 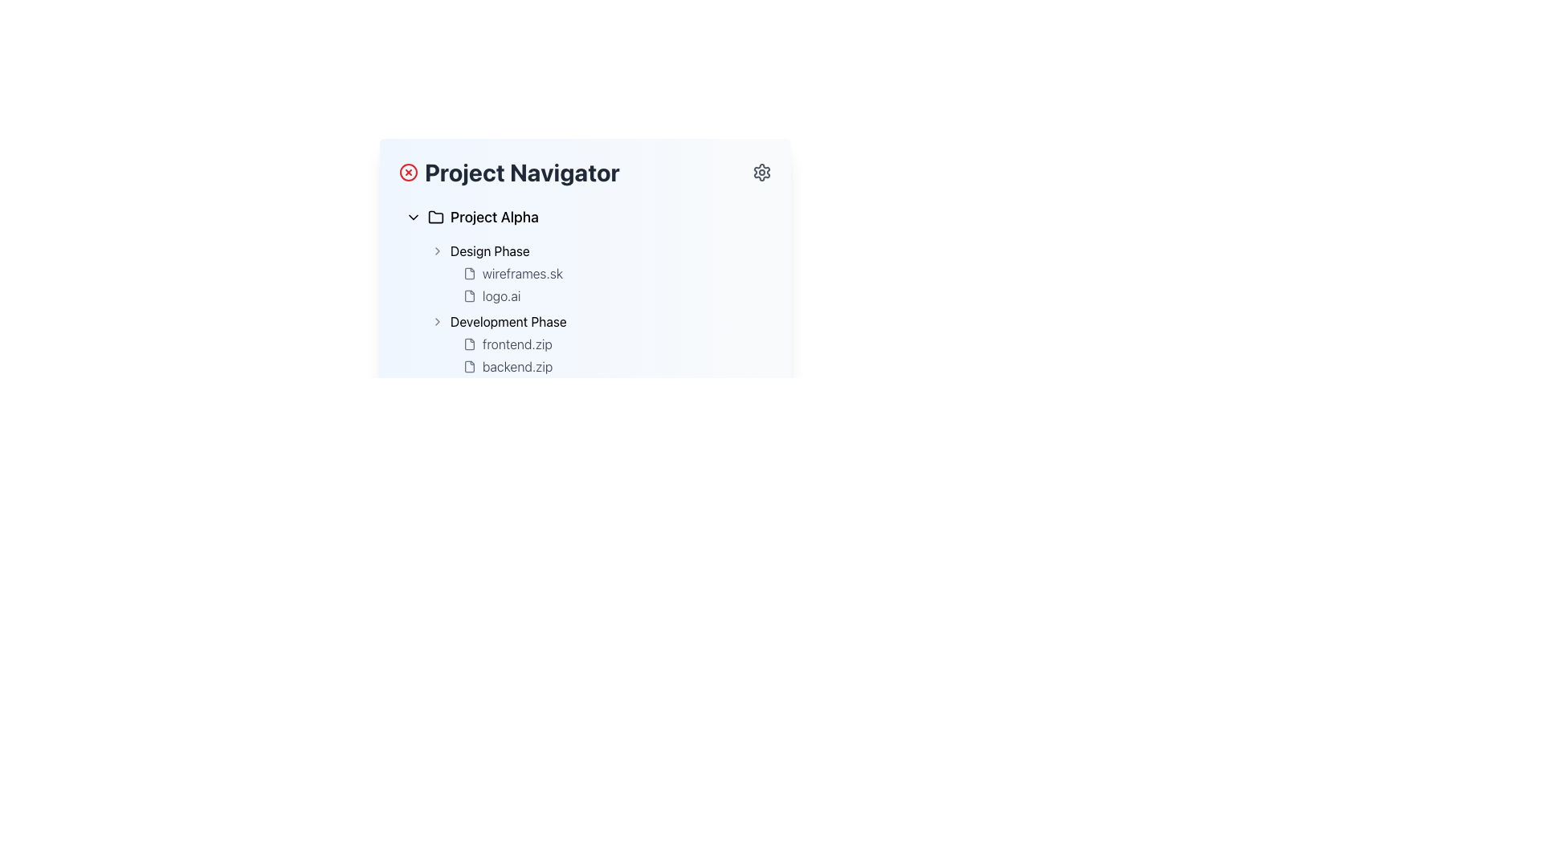 I want to click on the ZIP file icon indicating 'frontend.zip' located under the 'Development Phase' section of the 'Project Alpha' category in the 'Project Navigator' interface, so click(x=469, y=343).